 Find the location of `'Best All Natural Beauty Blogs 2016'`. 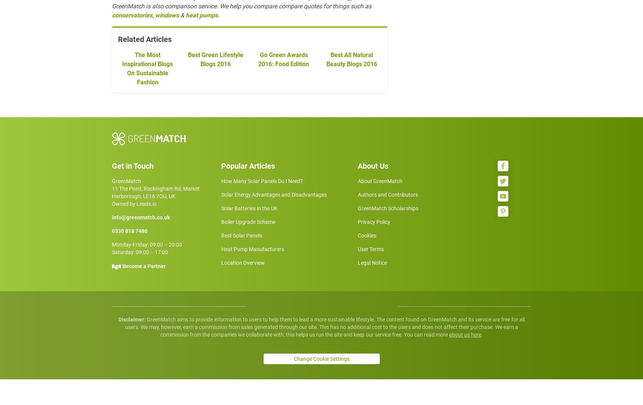

'Best All Natural Beauty Blogs 2016' is located at coordinates (352, 90).